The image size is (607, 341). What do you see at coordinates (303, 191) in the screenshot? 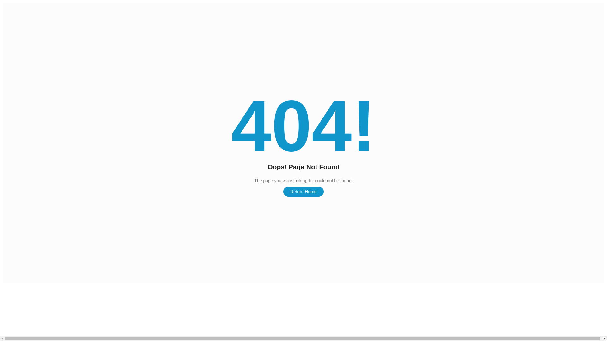
I see `'Return Home'` at bounding box center [303, 191].